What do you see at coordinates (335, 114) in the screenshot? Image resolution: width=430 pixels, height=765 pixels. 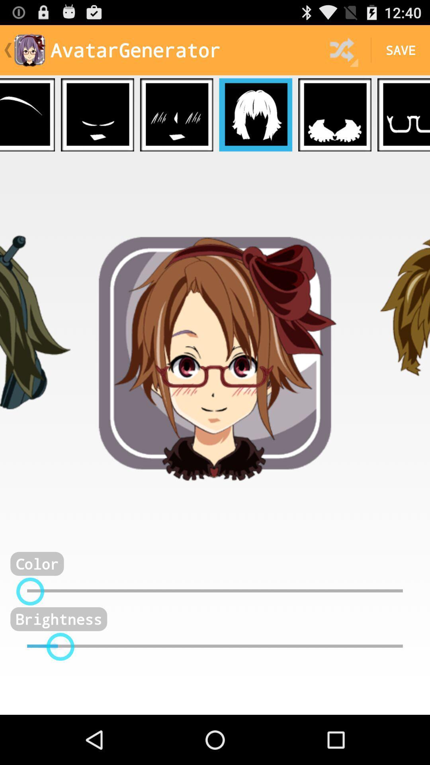 I see `choose outfit` at bounding box center [335, 114].